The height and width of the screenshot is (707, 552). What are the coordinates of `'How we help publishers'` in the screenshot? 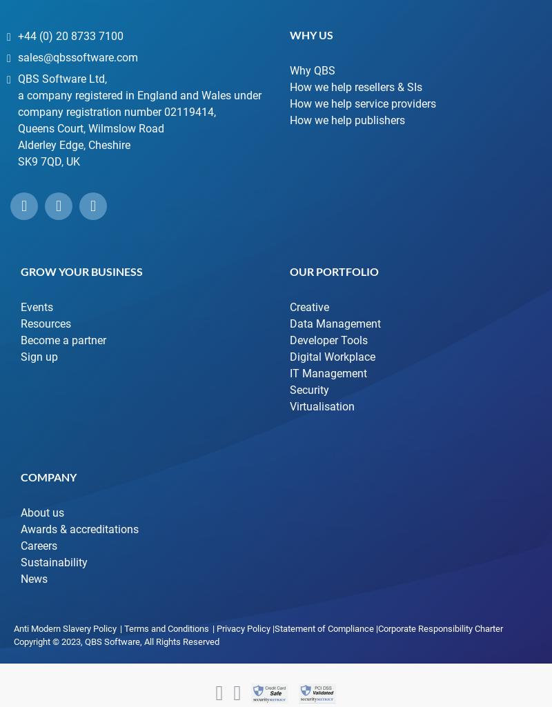 It's located at (346, 119).